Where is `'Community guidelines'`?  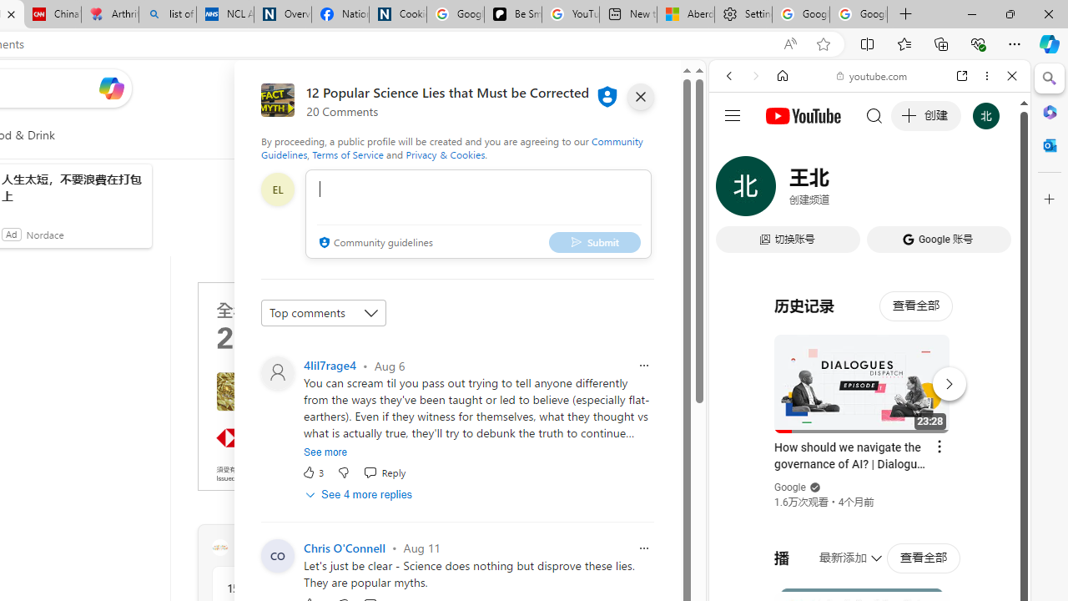
'Community guidelines' is located at coordinates (373, 243).